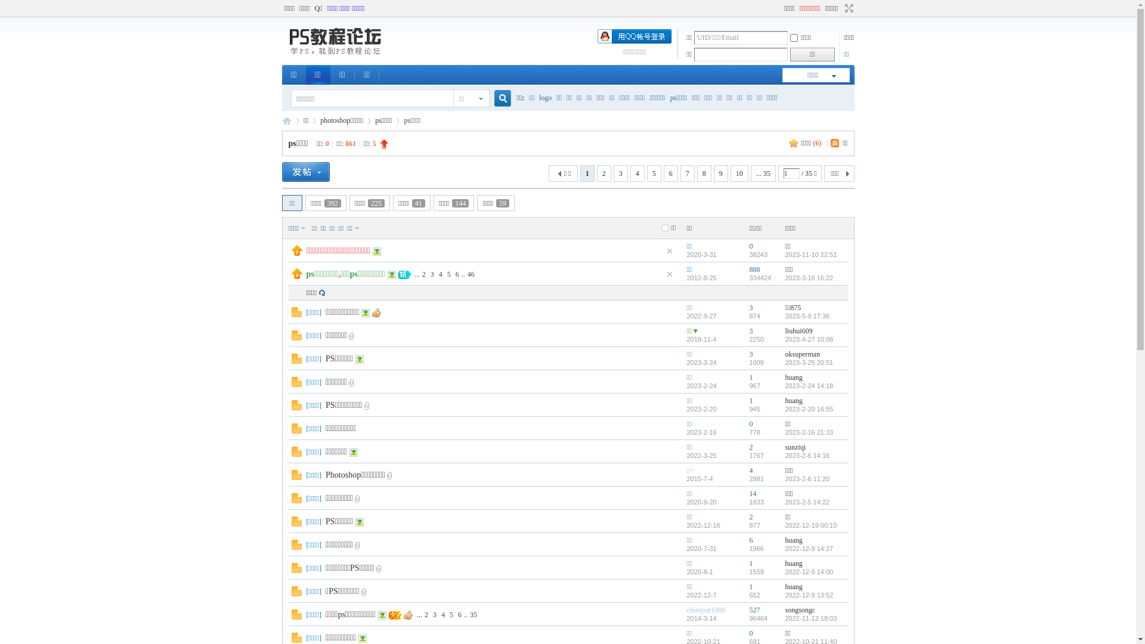 The height and width of the screenshot is (644, 1145). I want to click on '8', so click(697, 173).